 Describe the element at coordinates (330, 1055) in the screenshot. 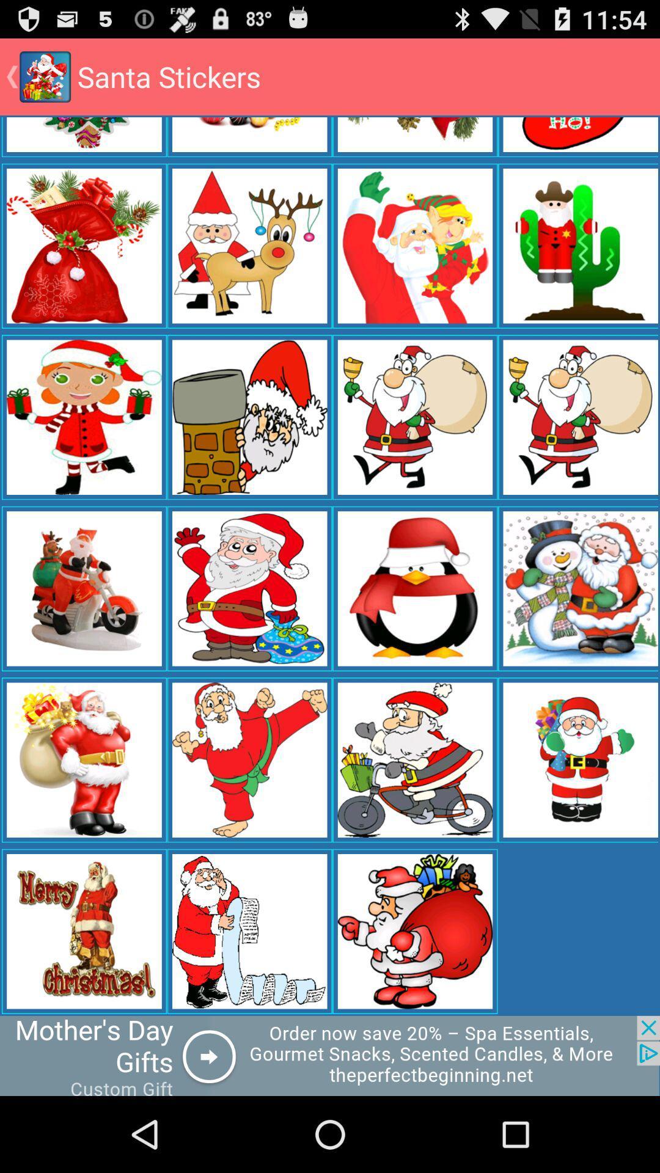

I see `advertiser banner` at that location.